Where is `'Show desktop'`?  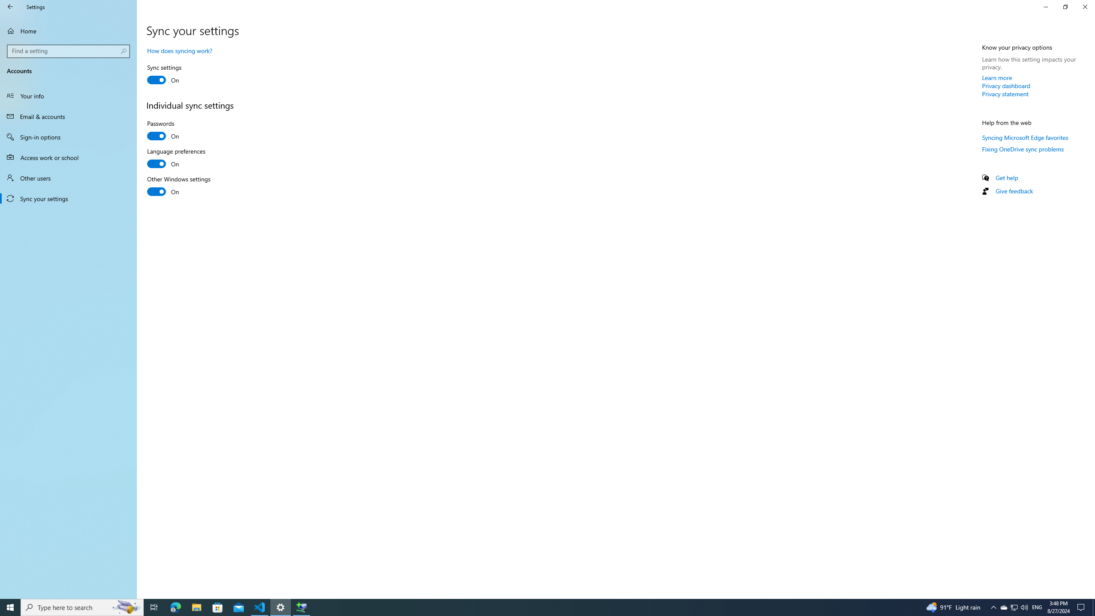
'Show desktop' is located at coordinates (1093, 607).